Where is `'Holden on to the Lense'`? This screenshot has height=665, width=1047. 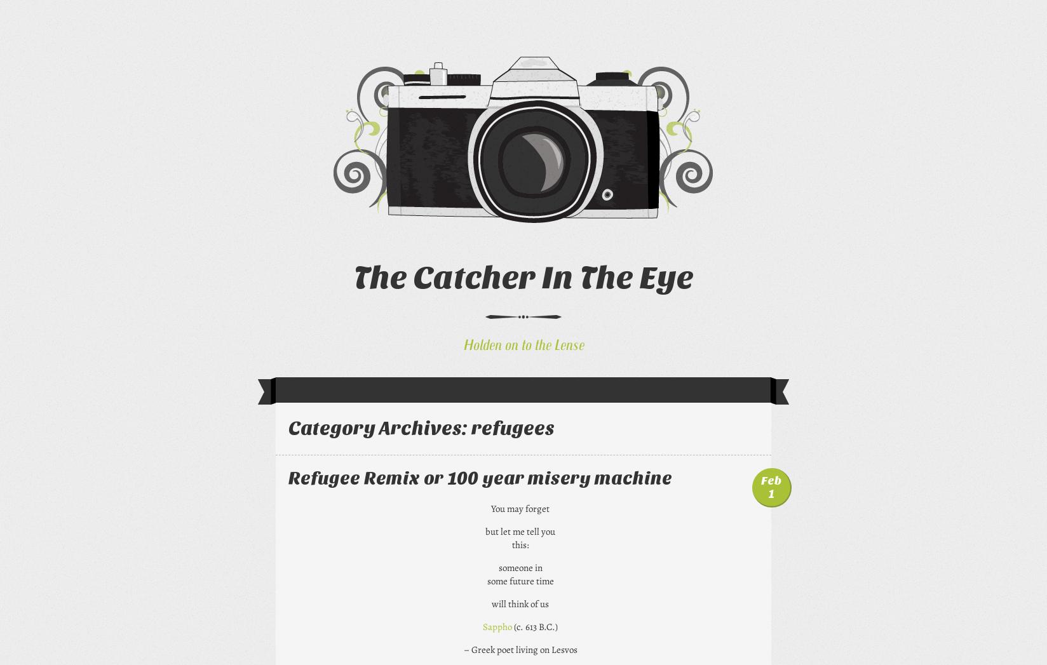
'Holden on to the Lense' is located at coordinates (523, 343).